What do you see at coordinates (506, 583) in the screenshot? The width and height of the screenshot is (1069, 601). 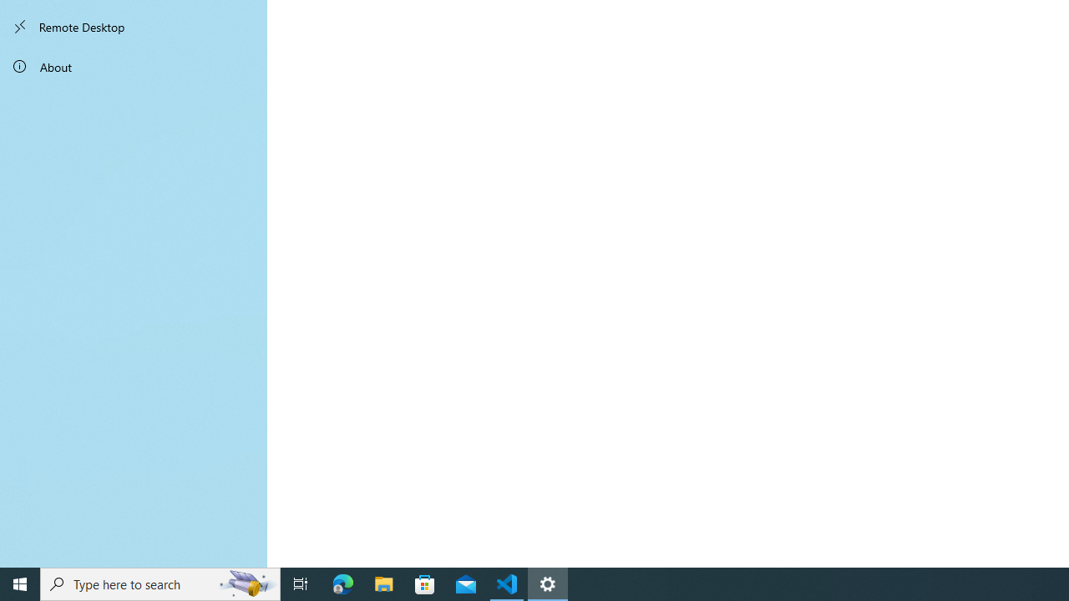 I see `'Visual Studio Code - 1 running window'` at bounding box center [506, 583].